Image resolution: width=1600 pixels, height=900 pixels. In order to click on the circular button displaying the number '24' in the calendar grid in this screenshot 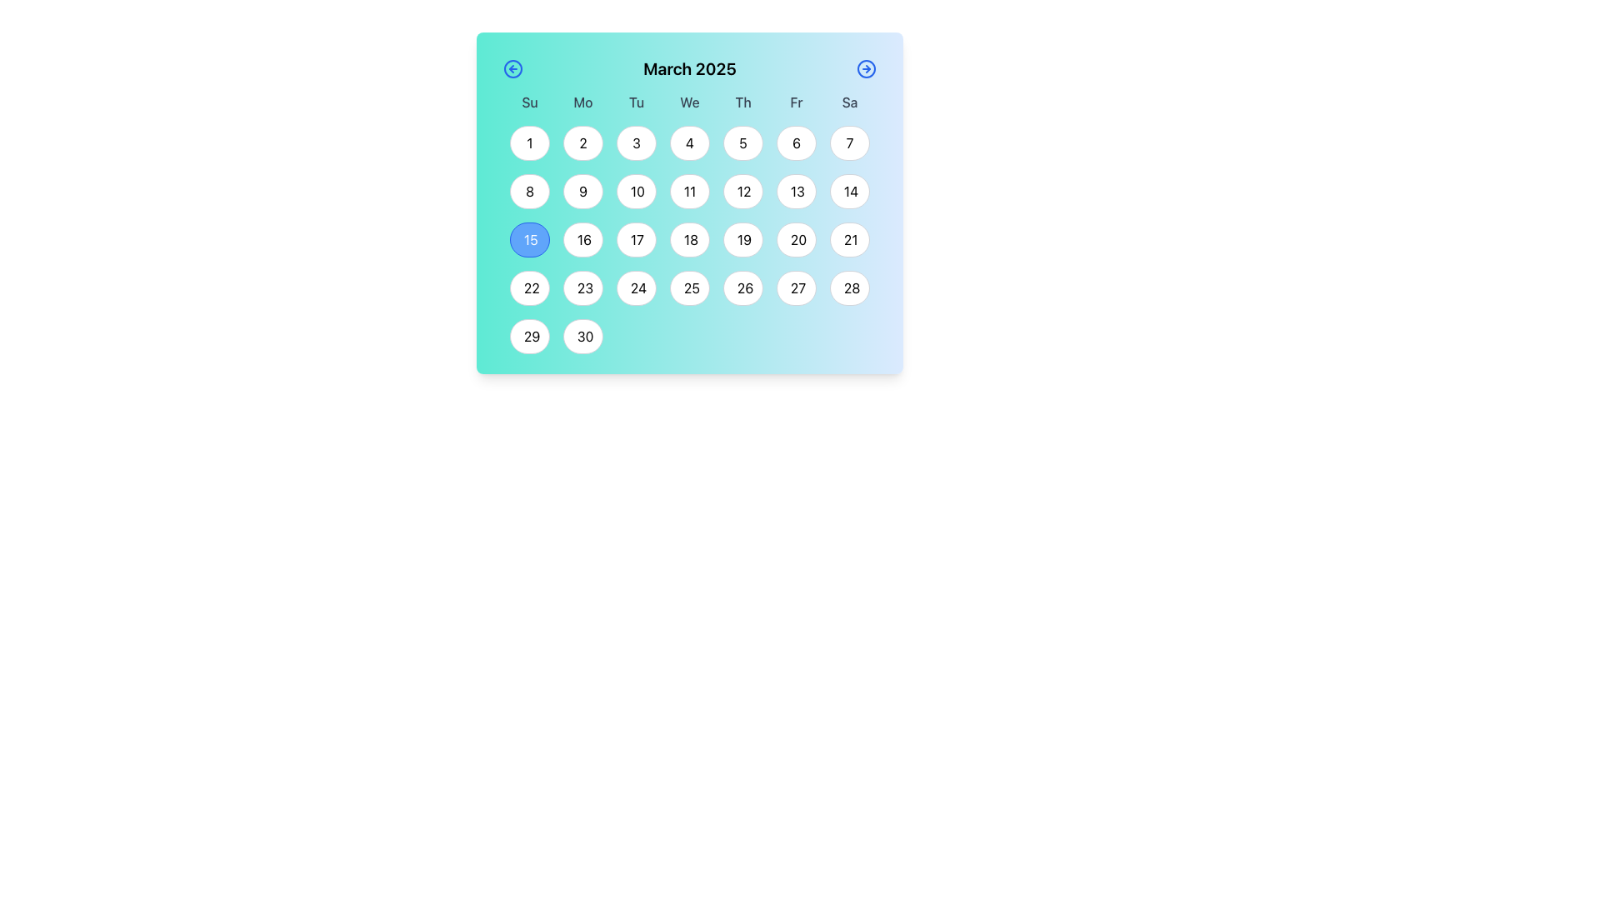, I will do `click(635, 287)`.